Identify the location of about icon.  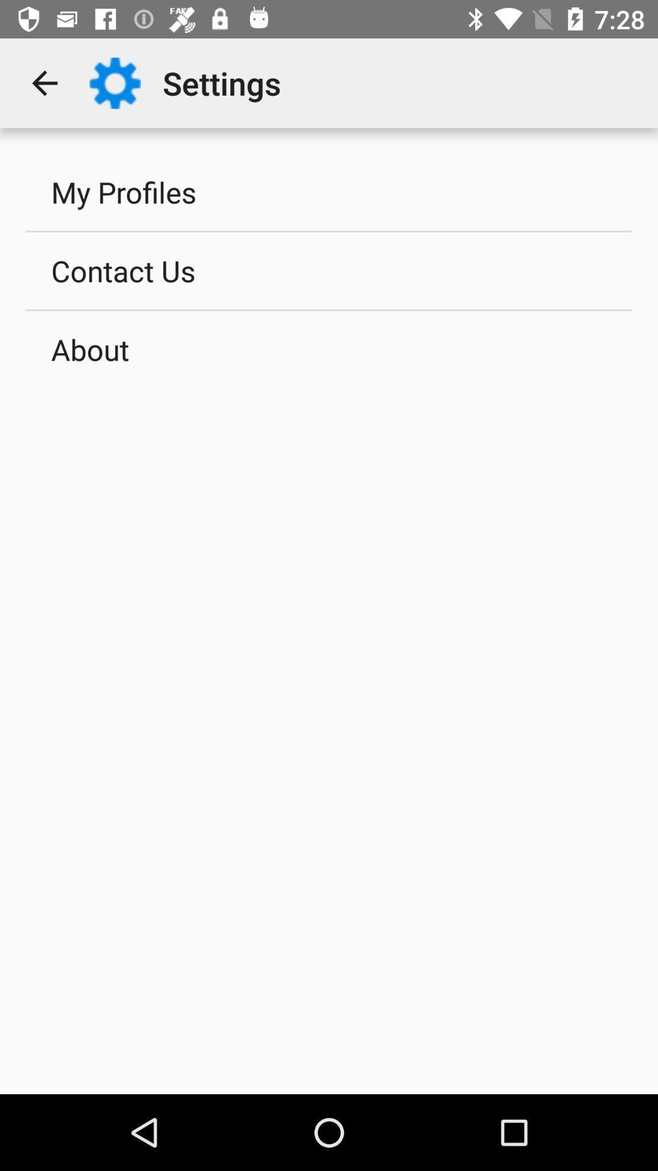
(329, 348).